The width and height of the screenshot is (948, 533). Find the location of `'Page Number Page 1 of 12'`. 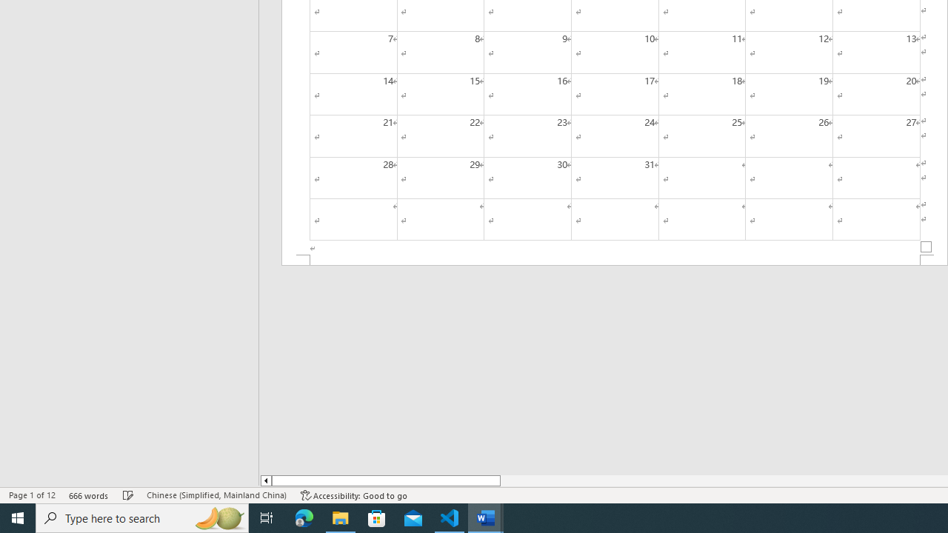

'Page Number Page 1 of 12' is located at coordinates (32, 495).